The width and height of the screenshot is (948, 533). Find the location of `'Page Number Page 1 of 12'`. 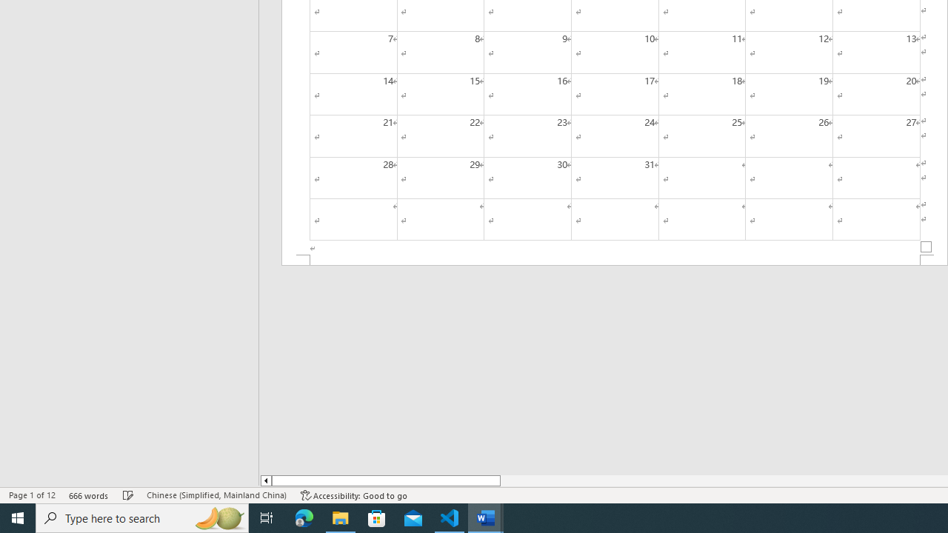

'Page Number Page 1 of 12' is located at coordinates (32, 495).